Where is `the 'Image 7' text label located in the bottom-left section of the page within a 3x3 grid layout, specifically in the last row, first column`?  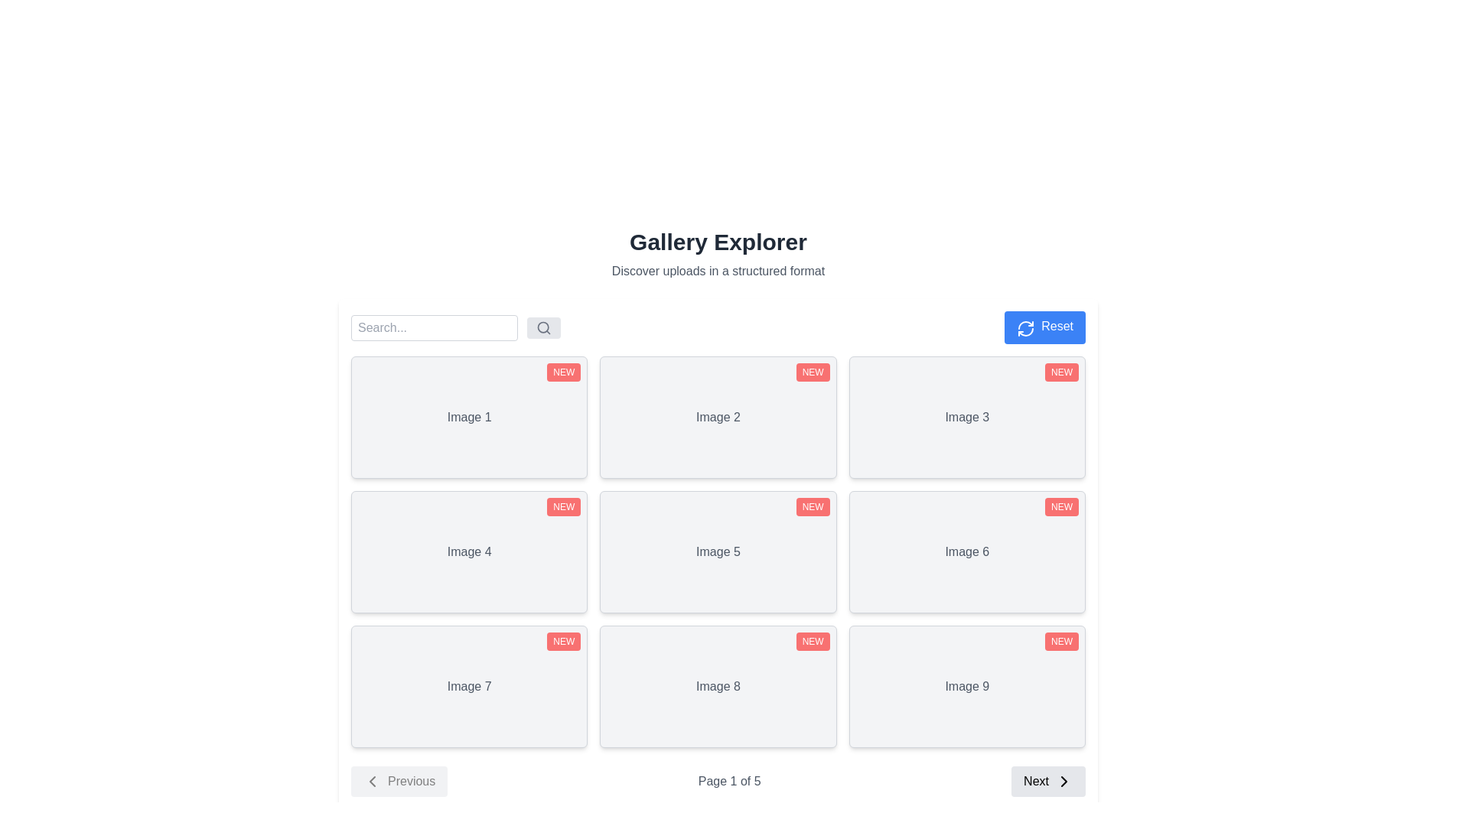
the 'Image 7' text label located in the bottom-left section of the page within a 3x3 grid layout, specifically in the last row, first column is located at coordinates (468, 686).